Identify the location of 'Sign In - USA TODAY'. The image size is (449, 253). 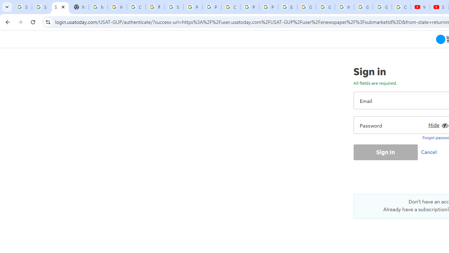
(60, 7).